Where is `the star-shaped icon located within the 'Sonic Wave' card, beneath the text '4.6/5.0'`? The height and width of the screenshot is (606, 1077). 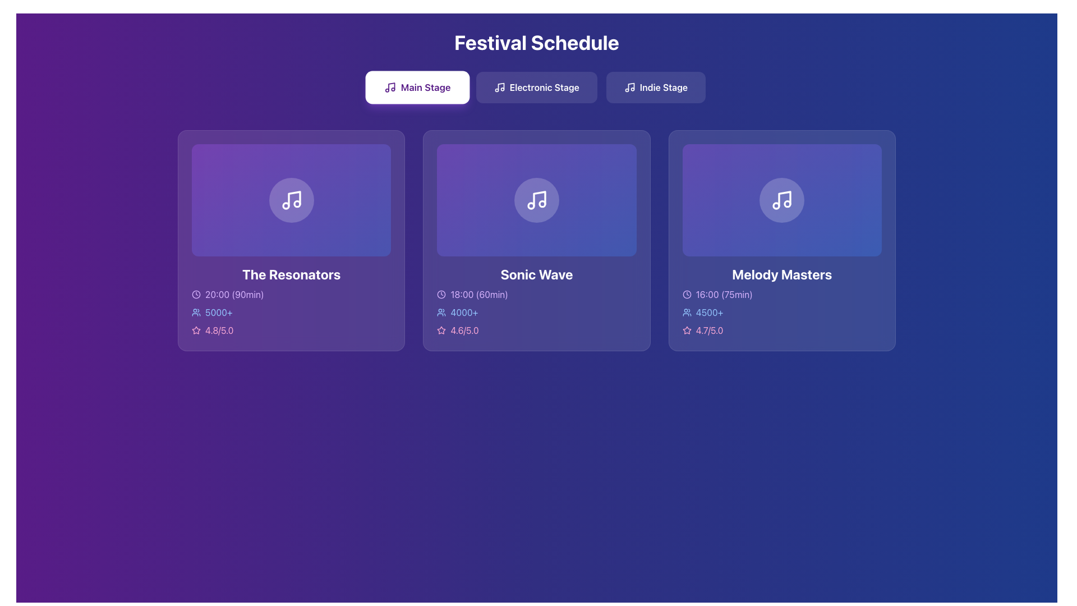 the star-shaped icon located within the 'Sonic Wave' card, beneath the text '4.6/5.0' is located at coordinates (441, 329).